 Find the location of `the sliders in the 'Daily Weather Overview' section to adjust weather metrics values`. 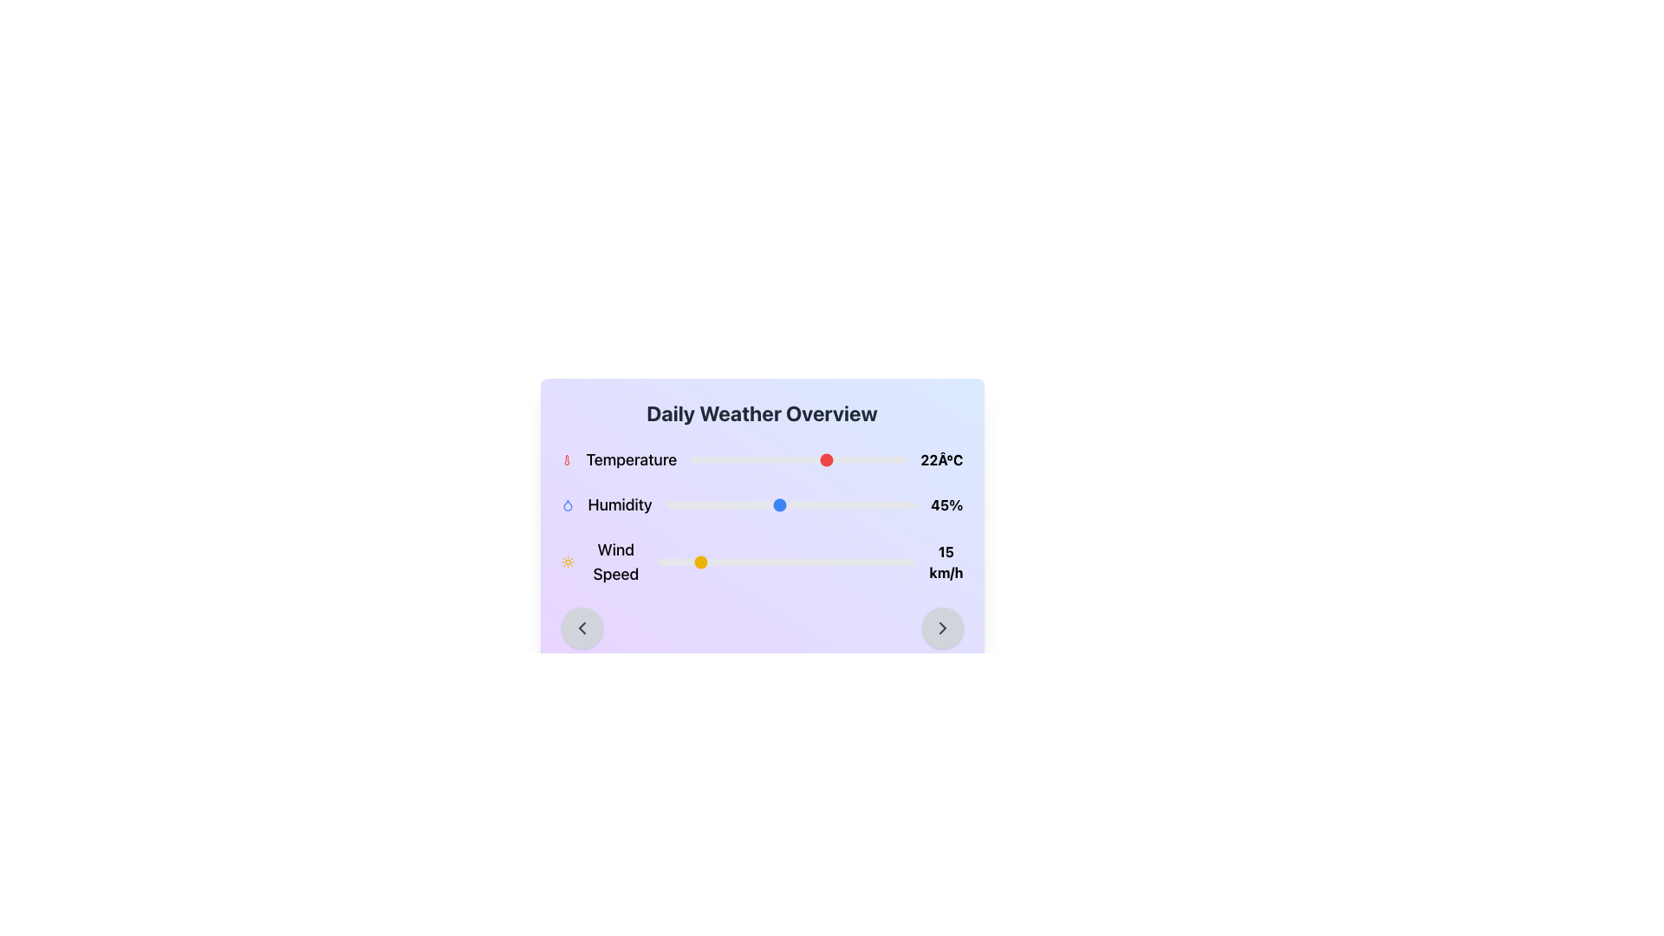

the sliders in the 'Daily Weather Overview' section to adjust weather metrics values is located at coordinates (762, 517).